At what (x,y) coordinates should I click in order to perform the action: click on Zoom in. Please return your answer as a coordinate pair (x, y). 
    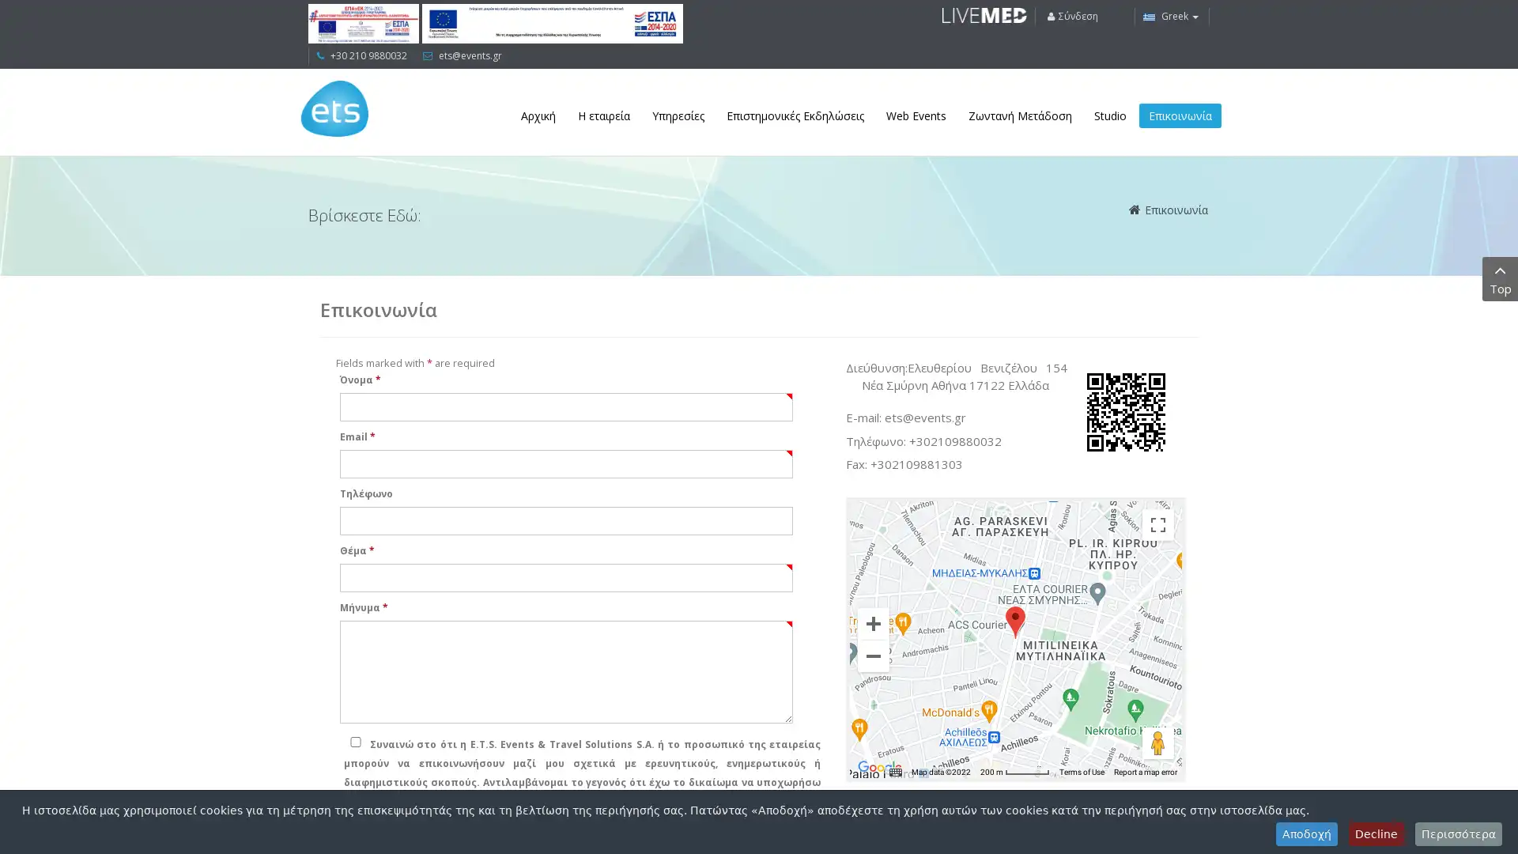
    Looking at the image, I should click on (872, 622).